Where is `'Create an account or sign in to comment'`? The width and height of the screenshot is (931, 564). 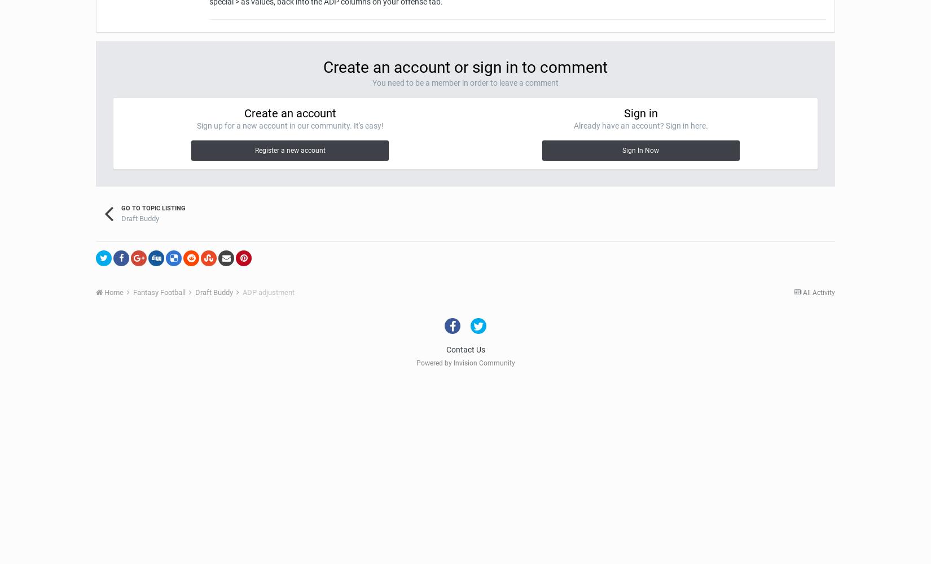 'Create an account or sign in to comment' is located at coordinates (465, 67).